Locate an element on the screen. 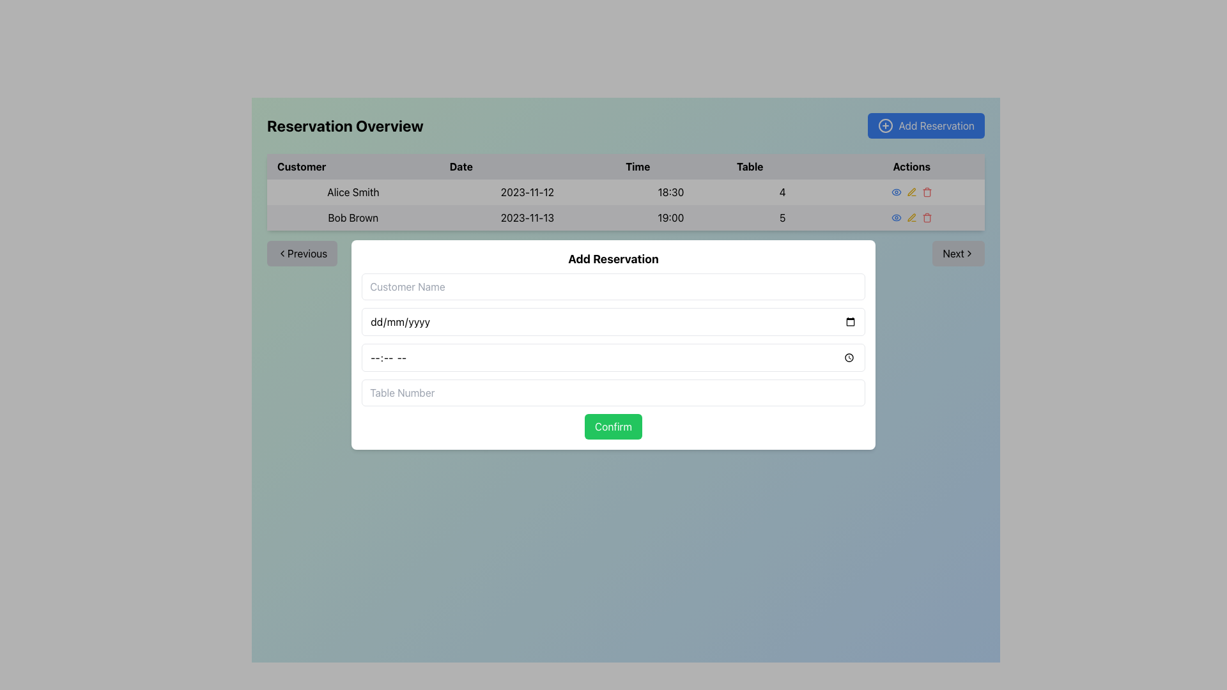 The width and height of the screenshot is (1227, 690). the edit button (pen icon) located in the third position of the action button set on the right-hand side of the table row for Bob Brown is located at coordinates (911, 192).